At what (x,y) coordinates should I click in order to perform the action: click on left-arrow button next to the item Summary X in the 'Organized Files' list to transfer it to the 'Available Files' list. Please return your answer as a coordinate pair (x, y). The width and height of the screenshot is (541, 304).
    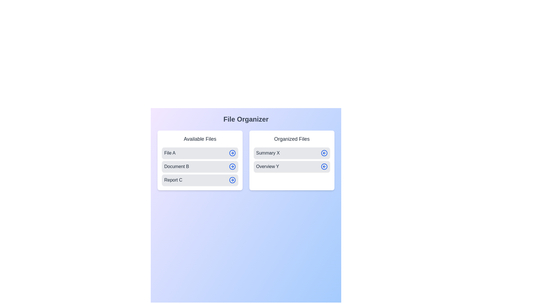
    Looking at the image, I should click on (324, 153).